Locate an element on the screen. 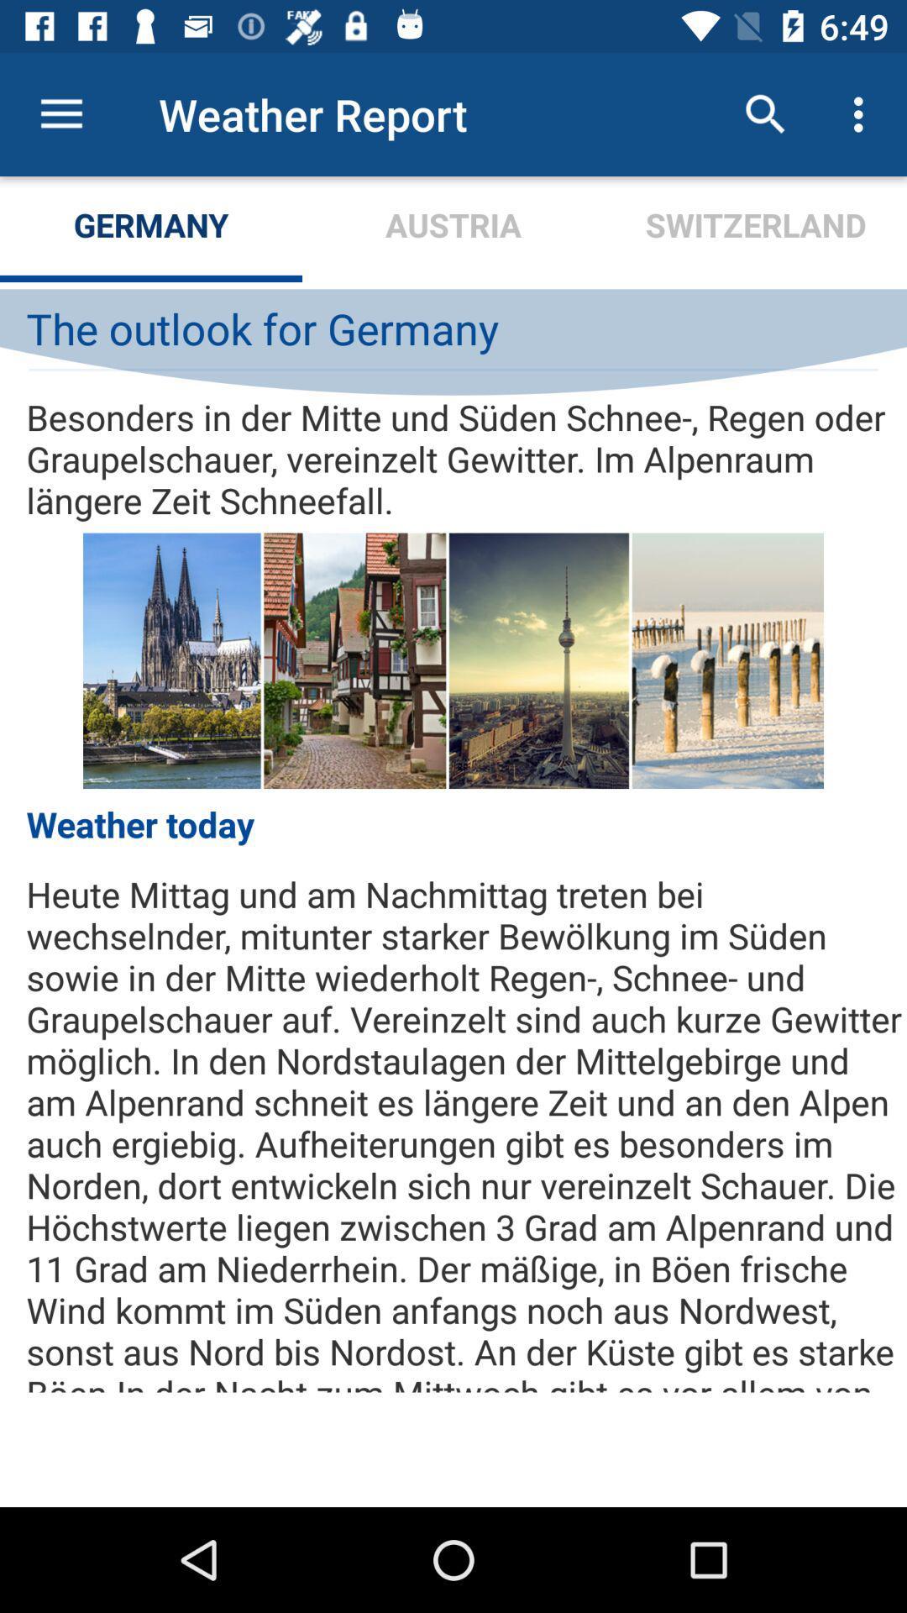  the icon to the left of the weather report icon is located at coordinates (60, 113).